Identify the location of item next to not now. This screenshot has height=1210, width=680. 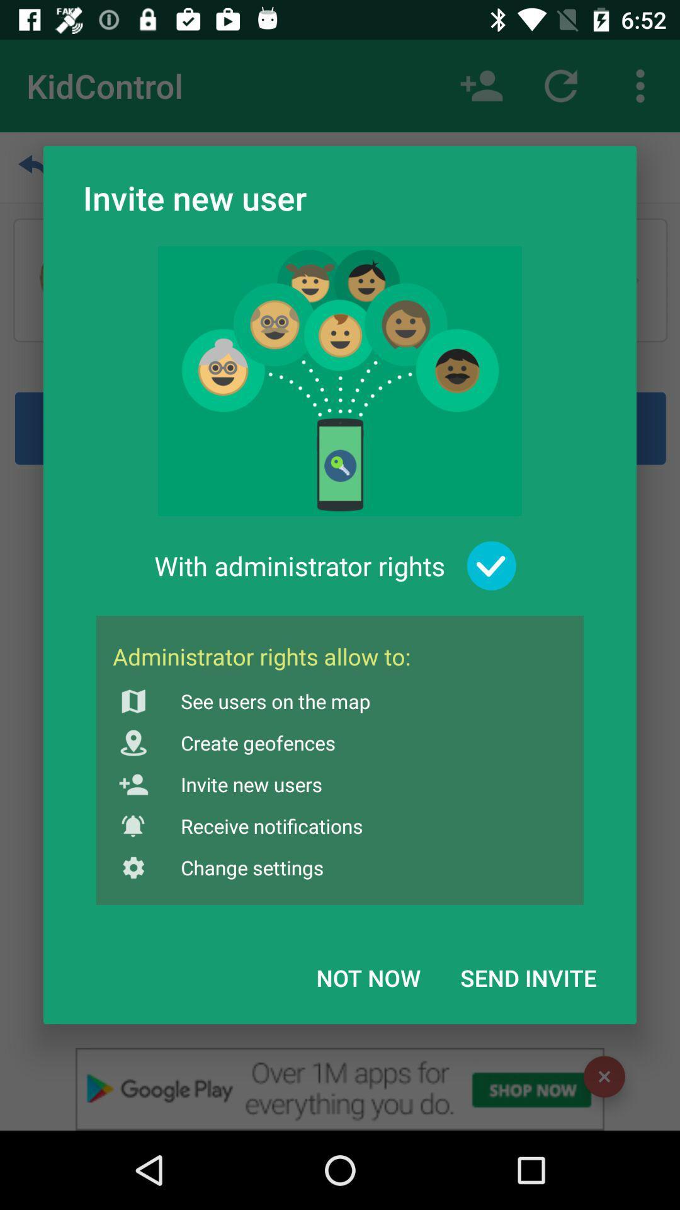
(528, 977).